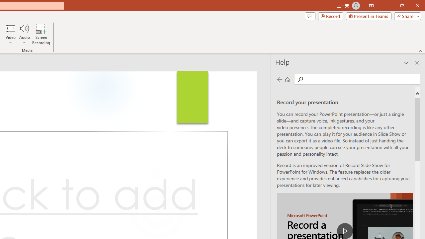  Describe the element at coordinates (11, 34) in the screenshot. I see `'Video'` at that location.